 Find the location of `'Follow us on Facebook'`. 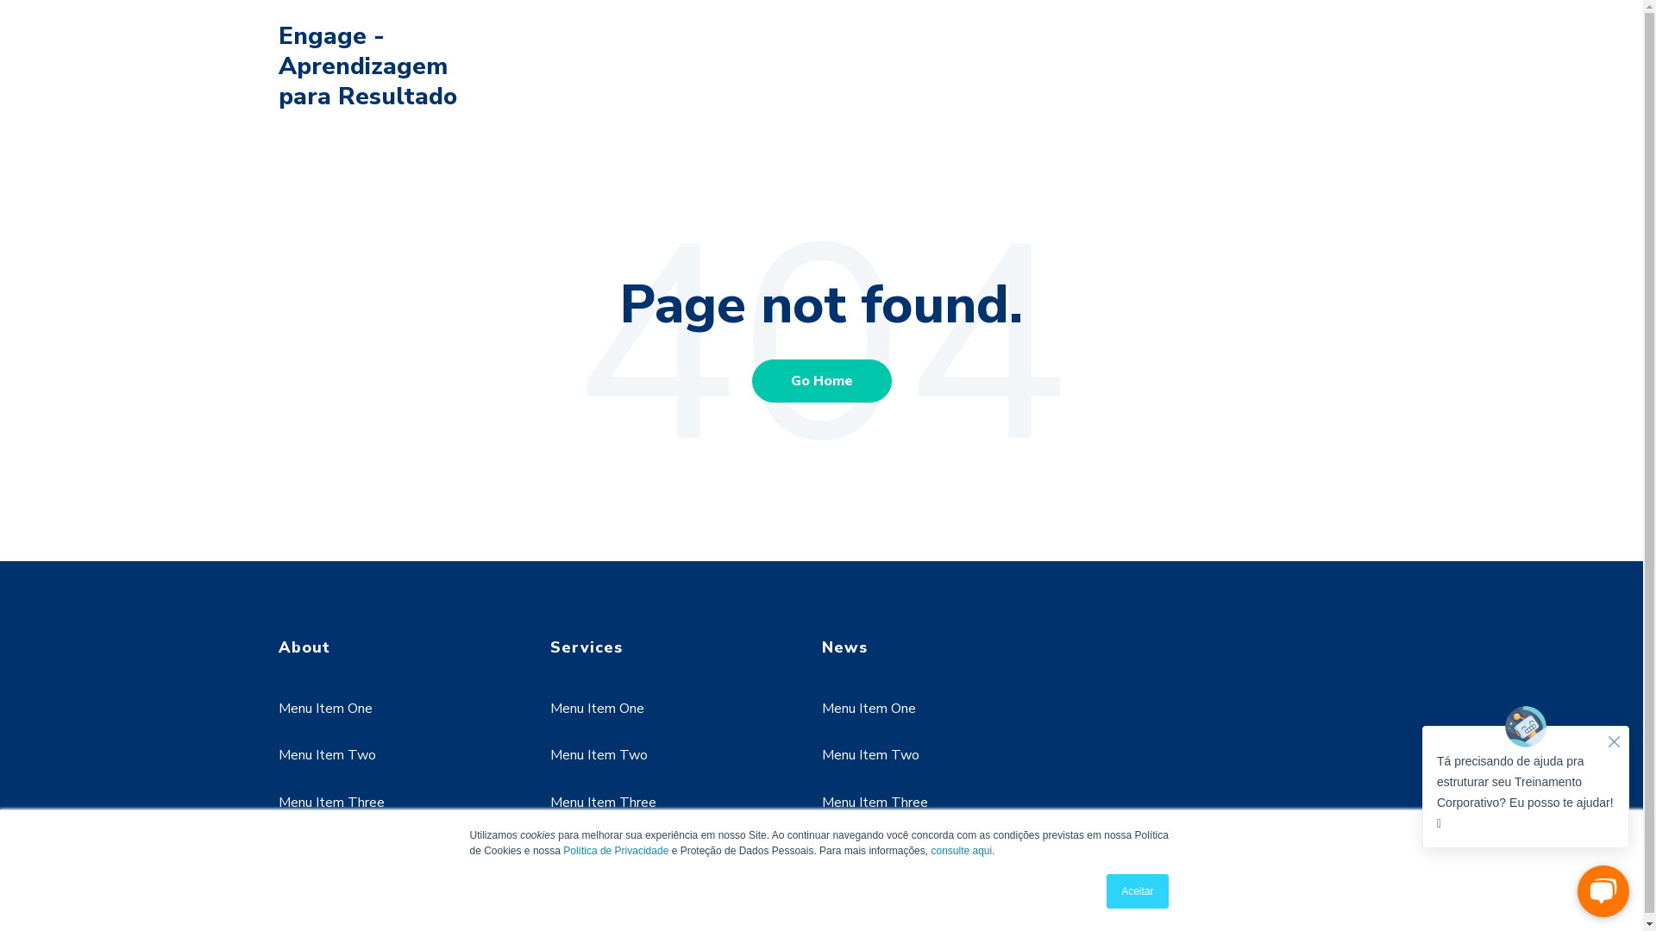

'Follow us on Facebook' is located at coordinates (298, 875).